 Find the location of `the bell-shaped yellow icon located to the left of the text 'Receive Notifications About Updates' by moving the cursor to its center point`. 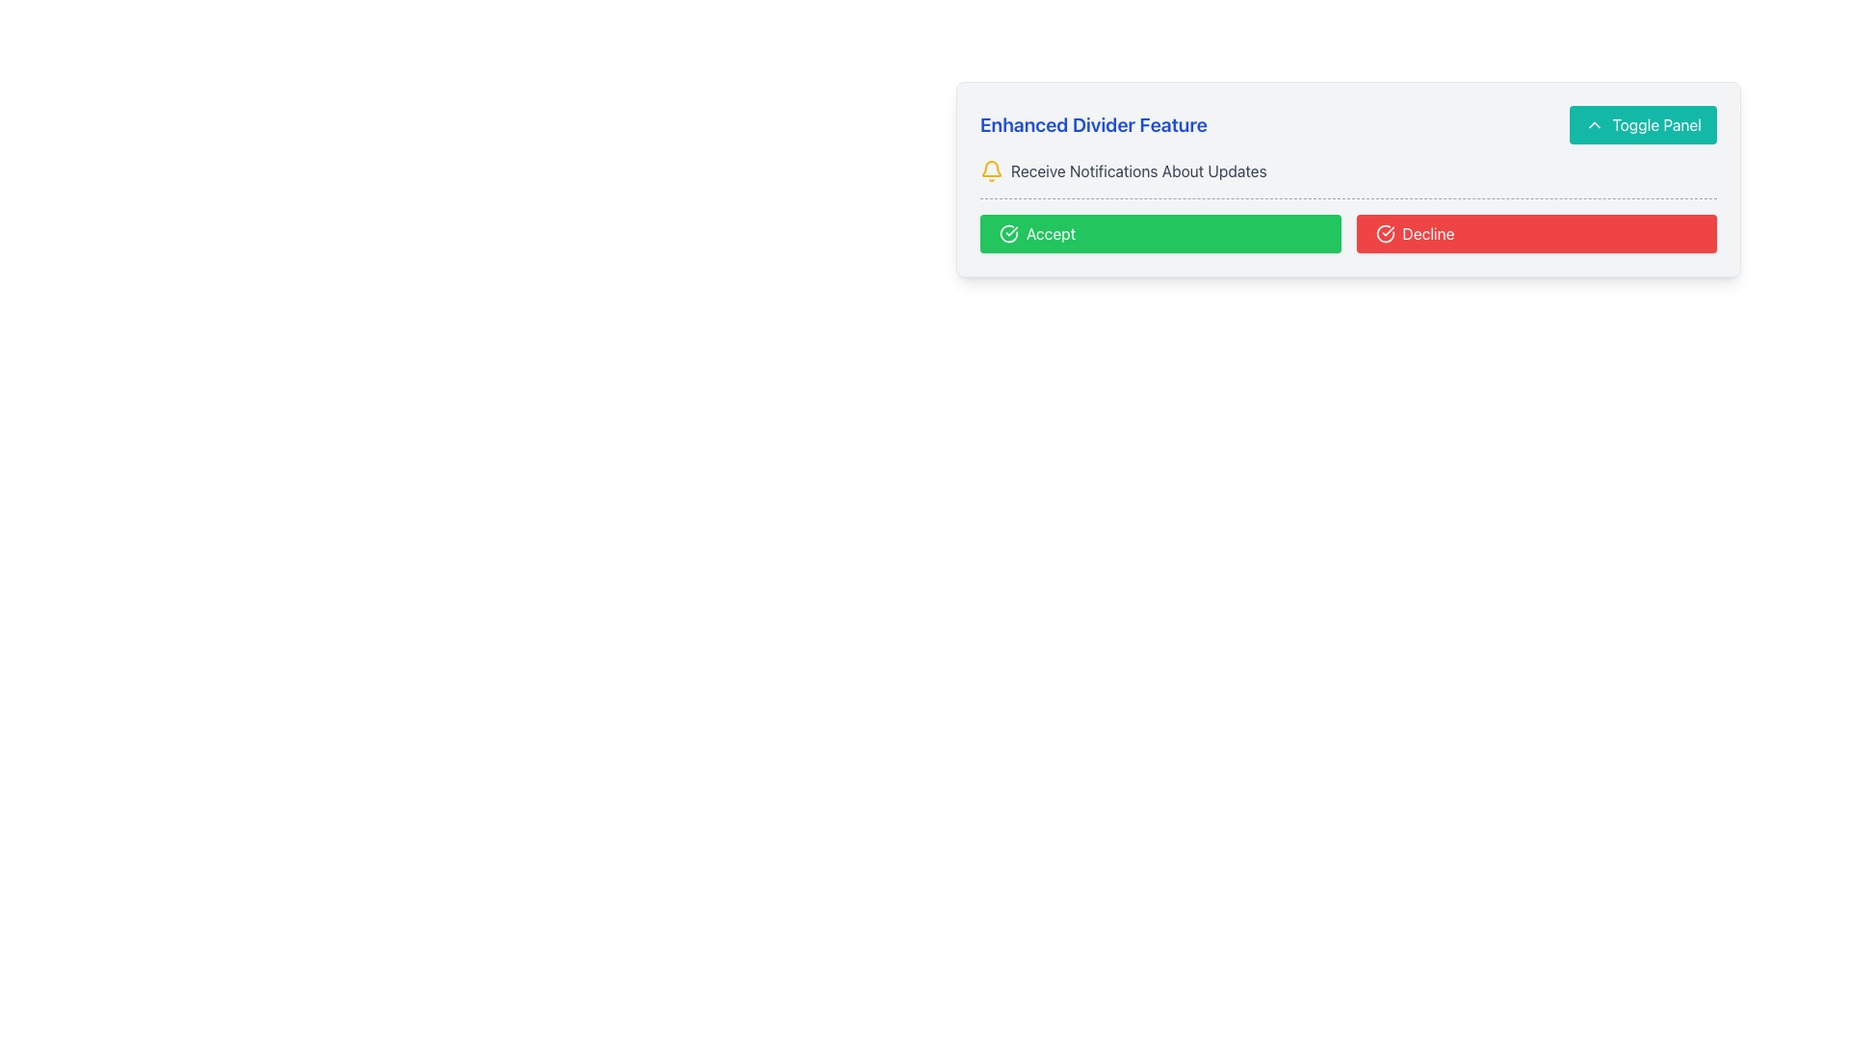

the bell-shaped yellow icon located to the left of the text 'Receive Notifications About Updates' by moving the cursor to its center point is located at coordinates (992, 169).